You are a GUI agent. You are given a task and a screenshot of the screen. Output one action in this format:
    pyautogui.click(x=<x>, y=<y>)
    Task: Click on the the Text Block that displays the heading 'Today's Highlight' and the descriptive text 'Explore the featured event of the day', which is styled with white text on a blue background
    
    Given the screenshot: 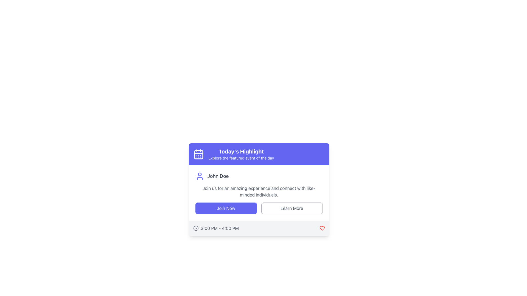 What is the action you would take?
    pyautogui.click(x=241, y=154)
    